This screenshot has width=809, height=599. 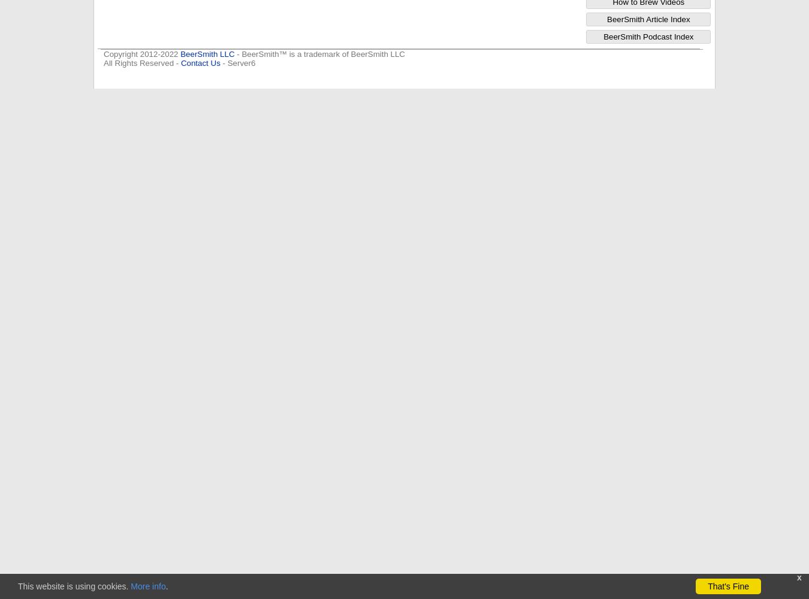 What do you see at coordinates (103, 53) in the screenshot?
I see `'Copyright 2012-2022'` at bounding box center [103, 53].